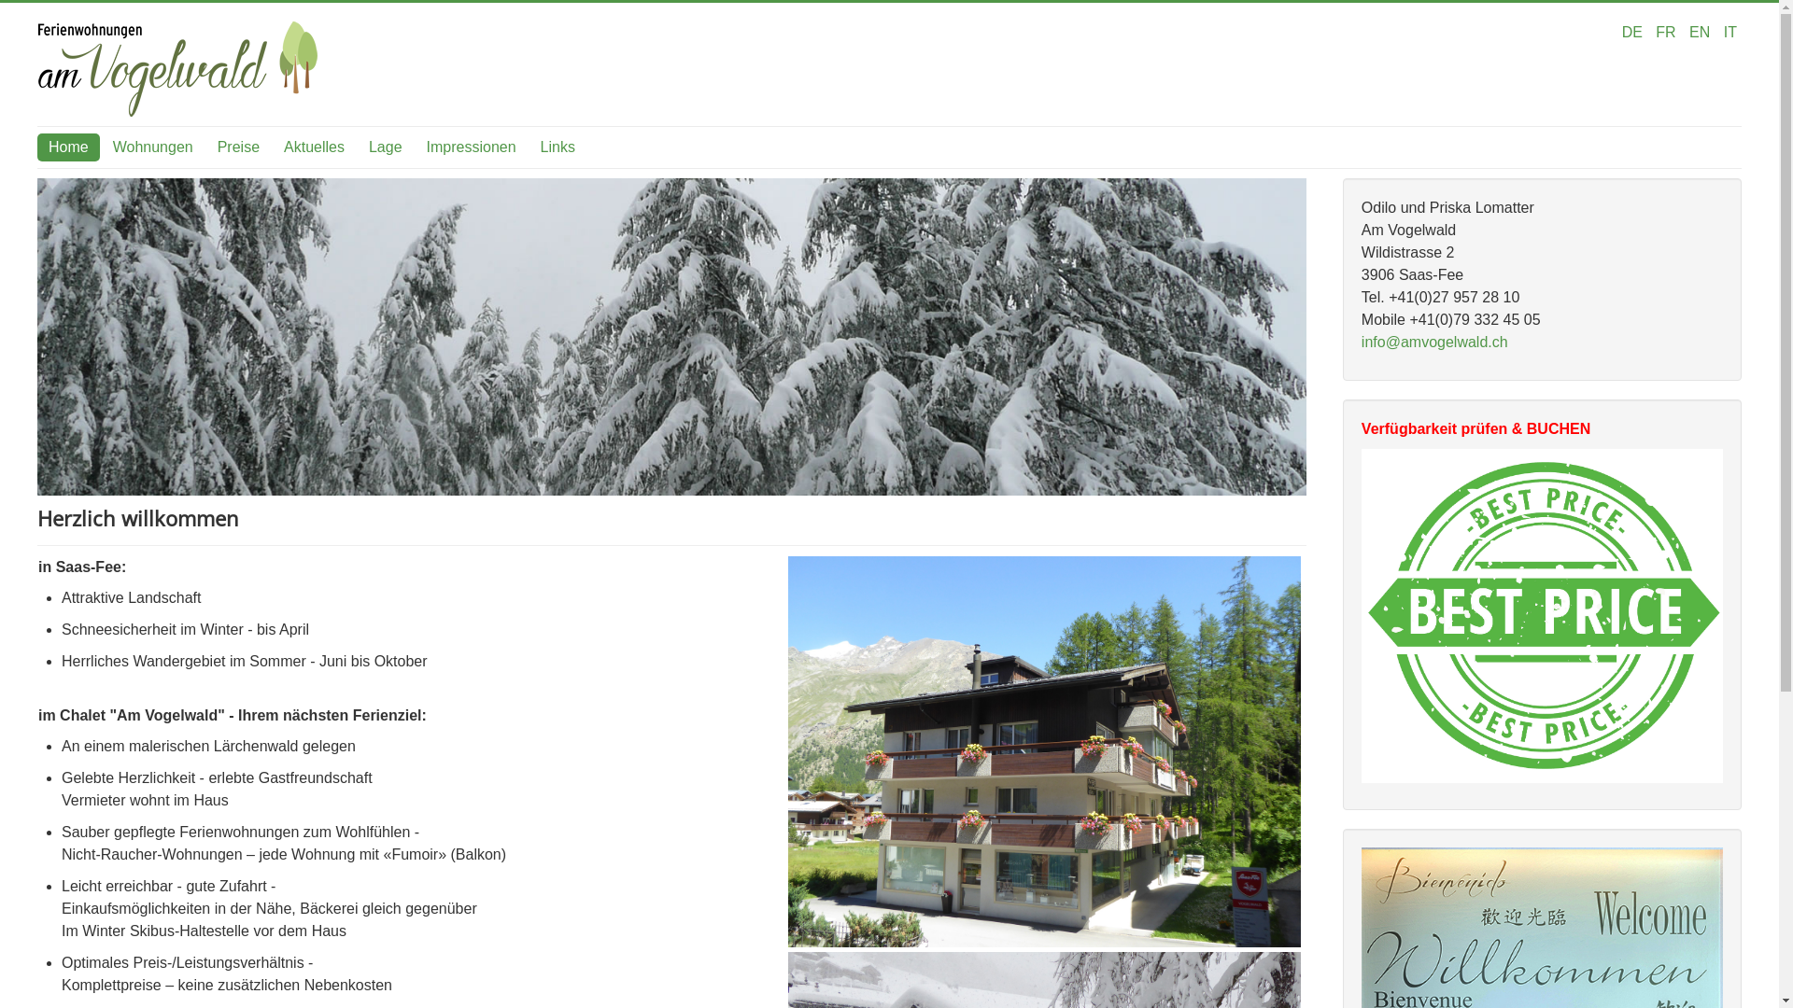  Describe the element at coordinates (384, 147) in the screenshot. I see `'Lage'` at that location.